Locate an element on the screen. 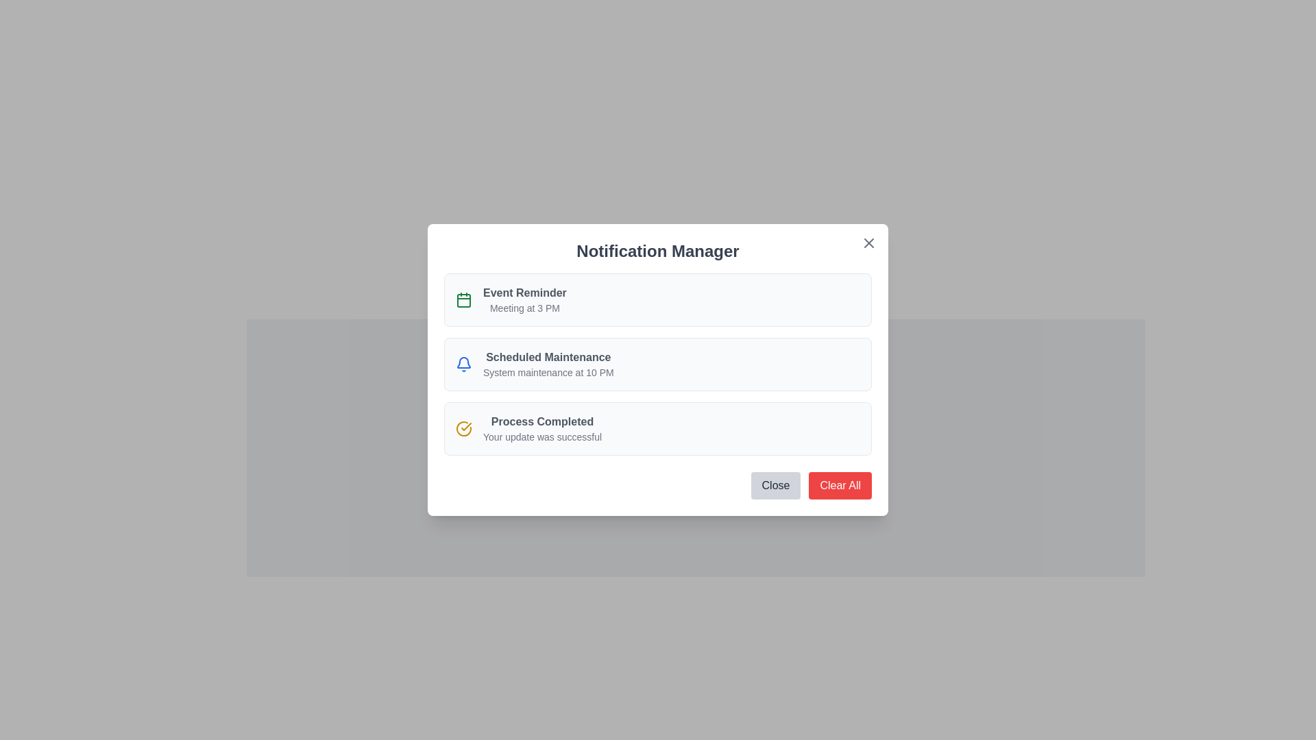 The width and height of the screenshot is (1316, 740). the calendar icon, which is the first icon in a vertical stack located to the left of the 'Event Reminder' text on the notification interface is located at coordinates (463, 300).